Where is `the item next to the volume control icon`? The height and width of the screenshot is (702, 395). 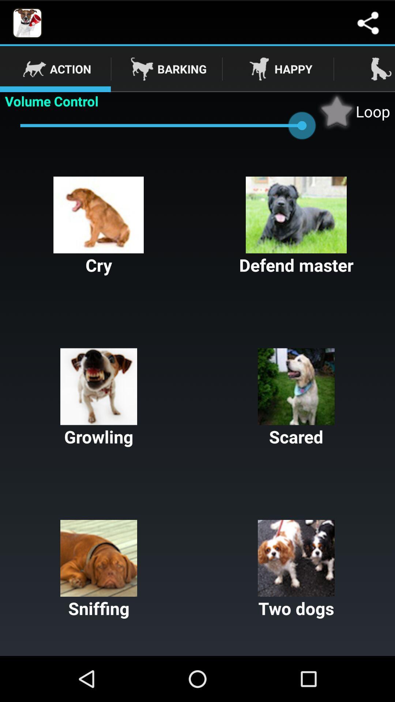 the item next to the volume control icon is located at coordinates (353, 111).